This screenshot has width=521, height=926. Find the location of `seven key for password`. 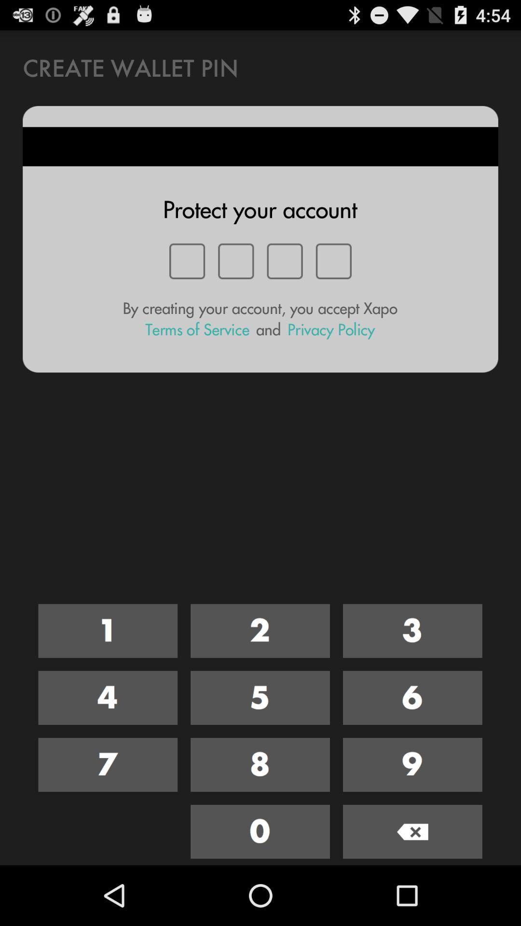

seven key for password is located at coordinates (108, 764).